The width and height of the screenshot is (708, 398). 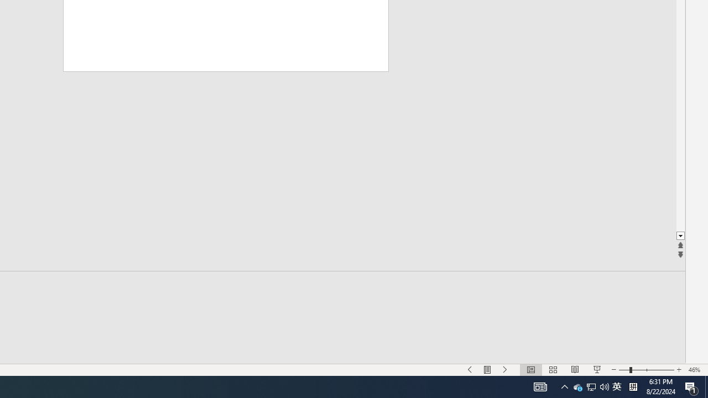 What do you see at coordinates (680, 235) in the screenshot?
I see `'Line down'` at bounding box center [680, 235].